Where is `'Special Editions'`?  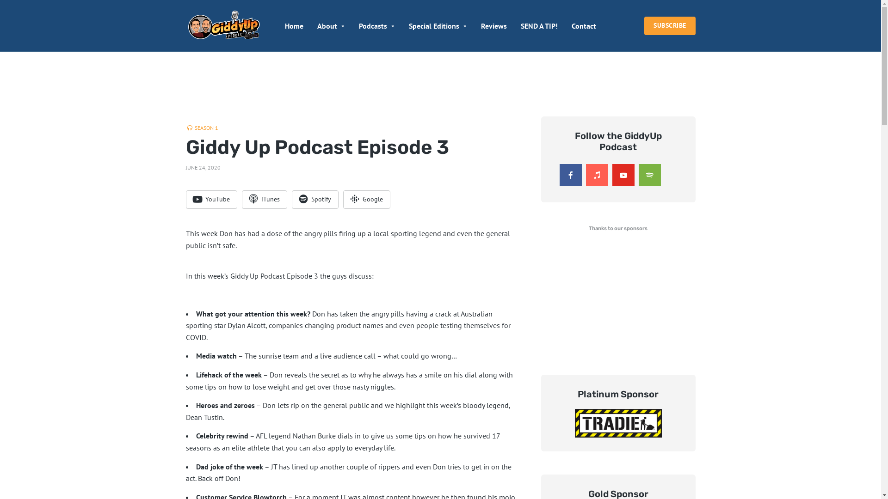
'Special Editions' is located at coordinates (437, 25).